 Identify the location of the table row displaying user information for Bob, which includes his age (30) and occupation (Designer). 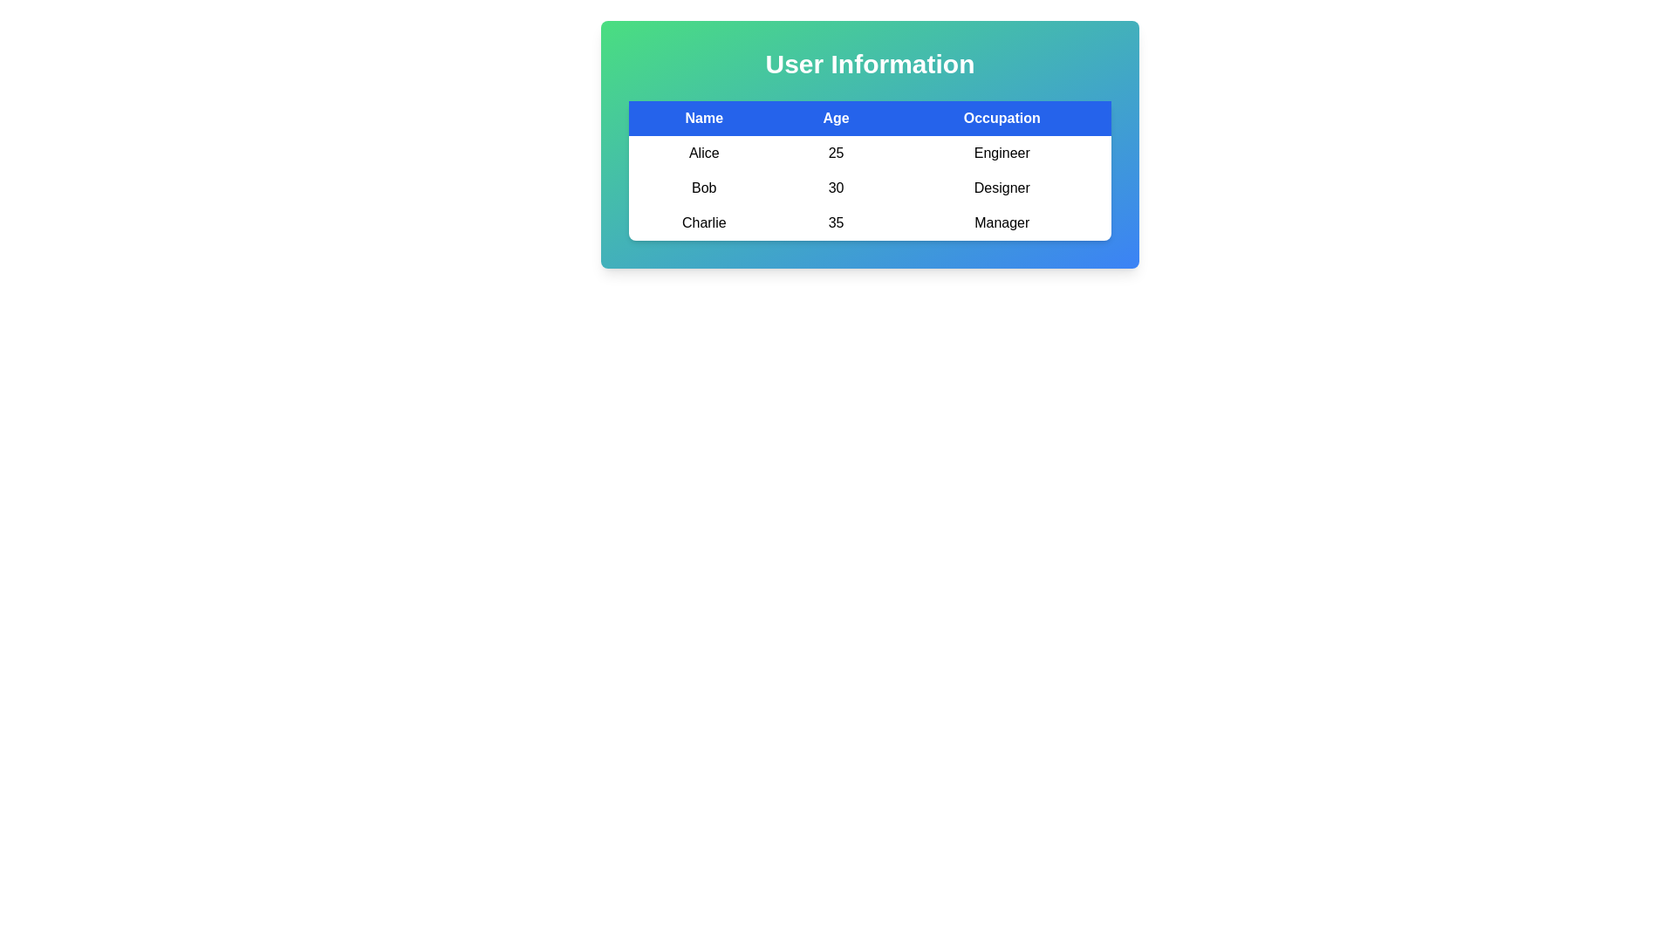
(870, 171).